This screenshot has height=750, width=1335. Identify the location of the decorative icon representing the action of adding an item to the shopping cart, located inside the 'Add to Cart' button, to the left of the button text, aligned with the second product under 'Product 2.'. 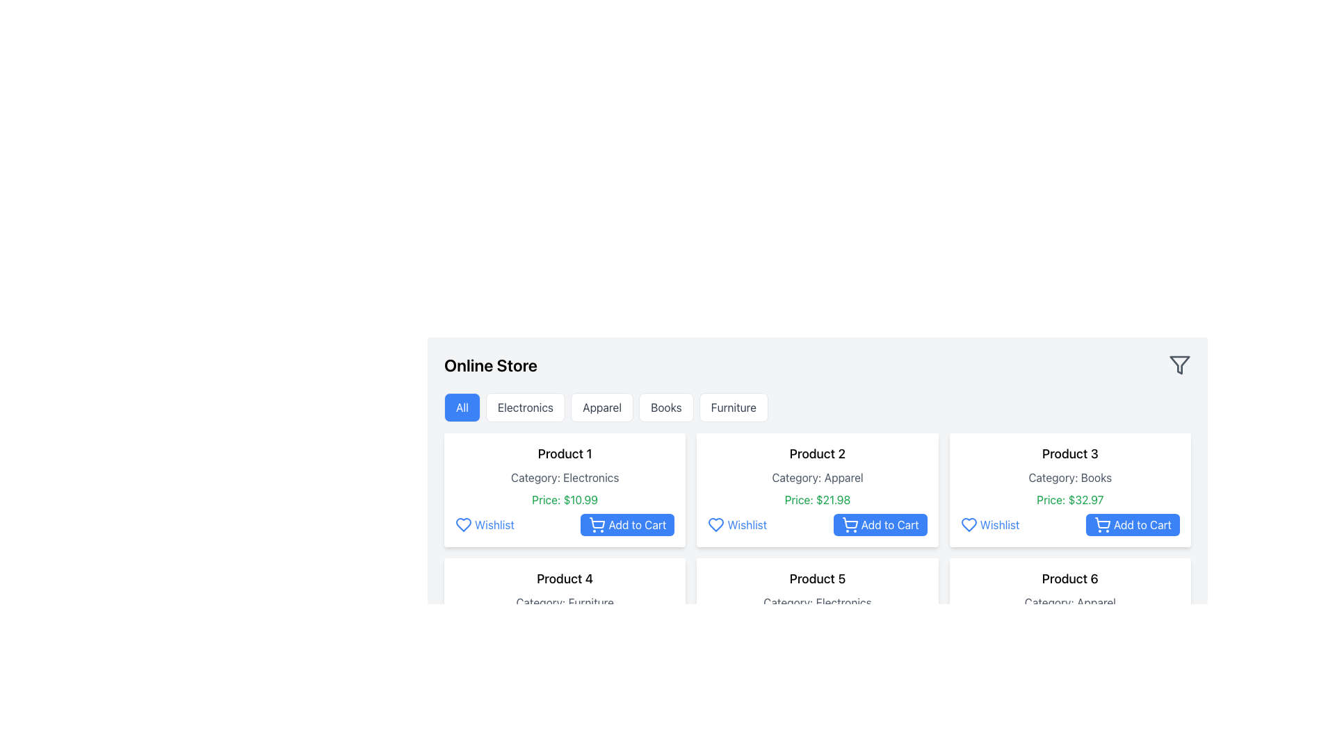
(597, 525).